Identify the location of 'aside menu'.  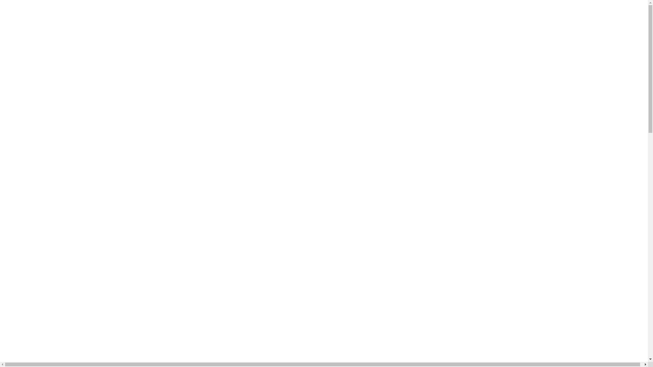
(16, 93).